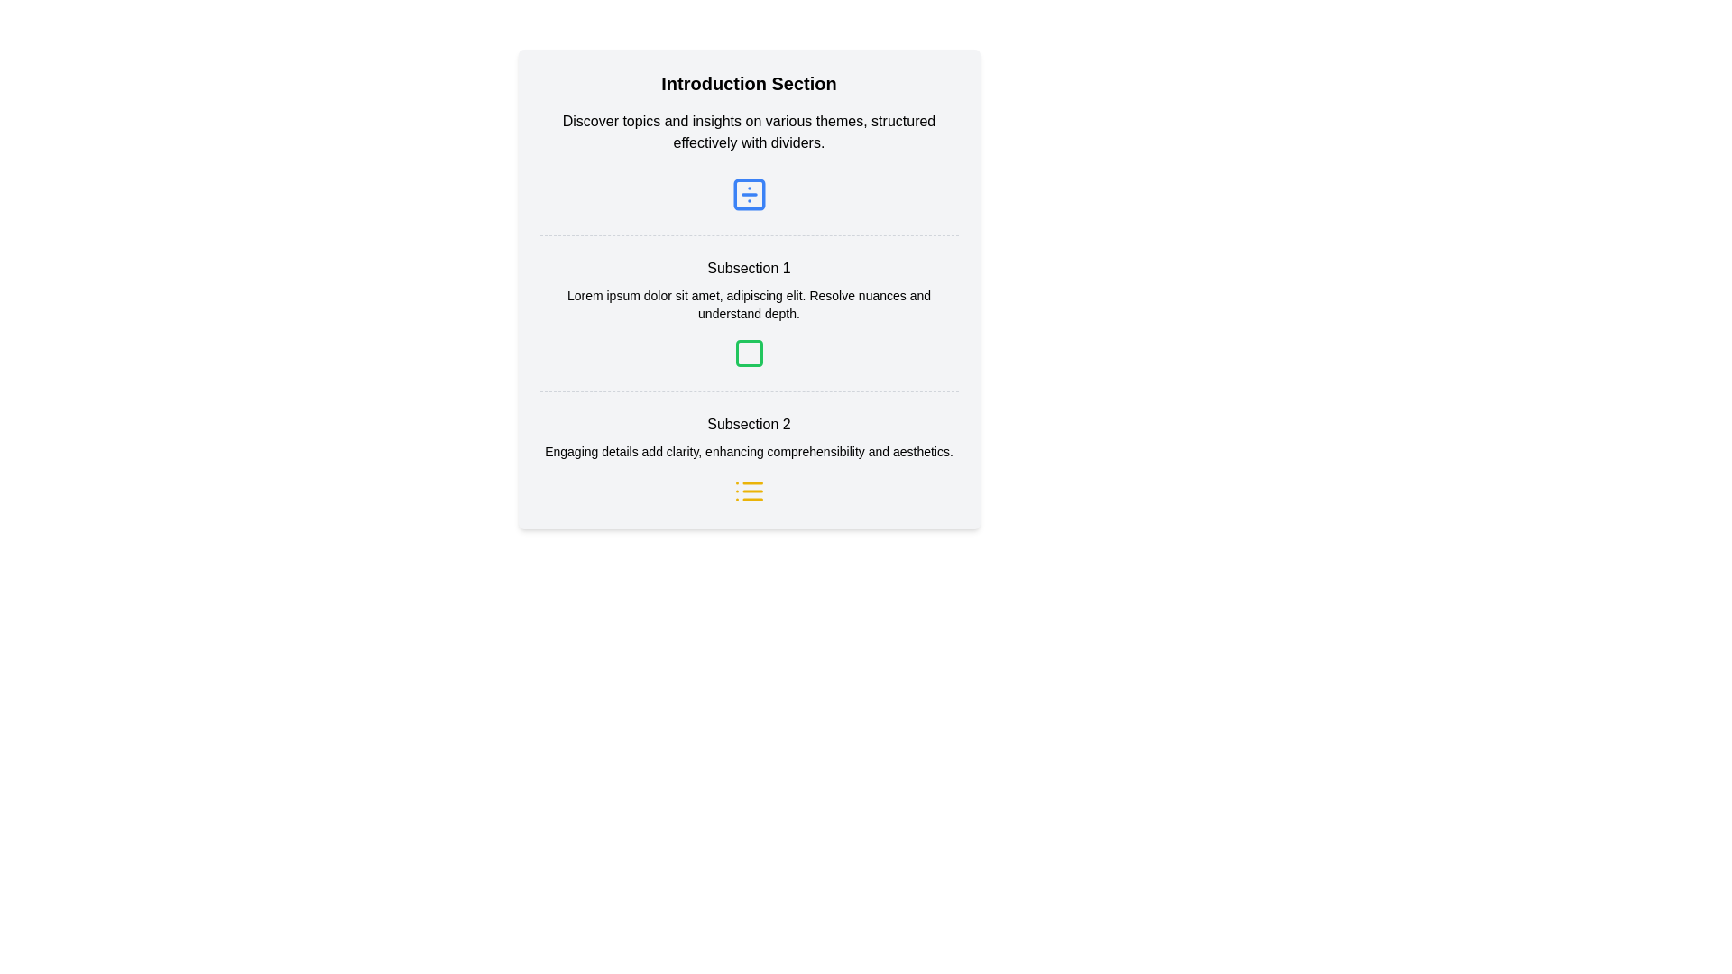 This screenshot has width=1732, height=974. I want to click on the text block displaying 'Discover topics and insights on various themes, structured effectively with dividers.' which is located directly below the 'Introduction Section' heading, so click(749, 131).